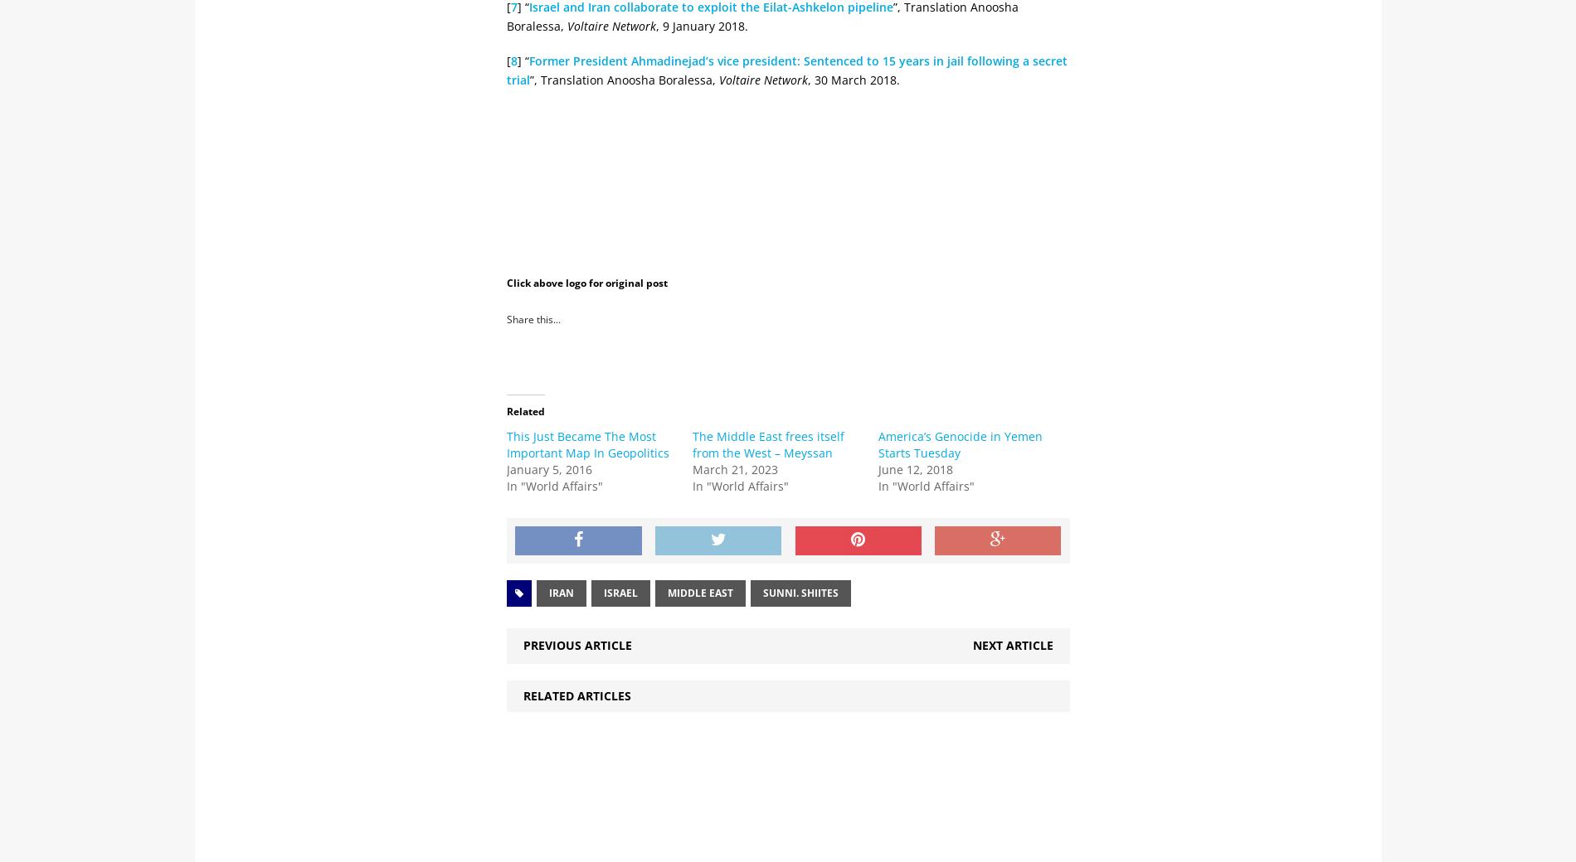  What do you see at coordinates (786, 69) in the screenshot?
I see `'Former President Ahmadinejad’s vice president: Sentenced to 15 years in jail following a secret trial'` at bounding box center [786, 69].